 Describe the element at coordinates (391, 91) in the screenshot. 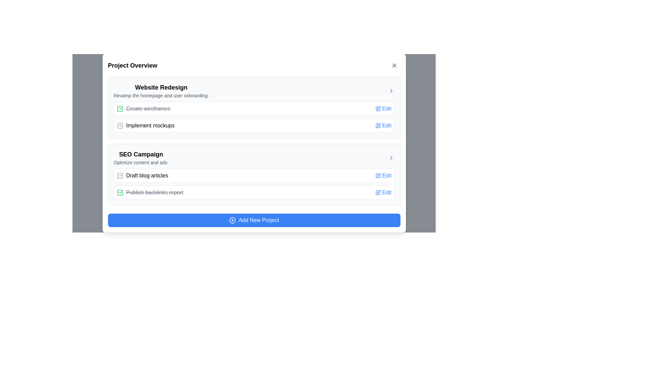

I see `the rightmost icon in the 'Website Redesign' section` at that location.